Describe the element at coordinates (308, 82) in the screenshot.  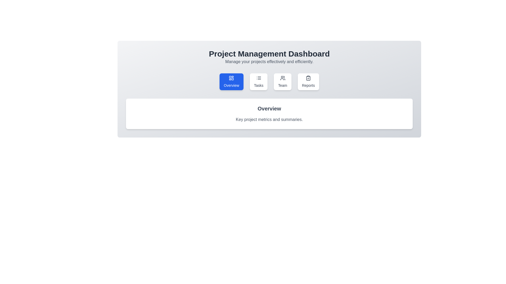
I see `the tab labeled Reports to observe its hover effect` at that location.